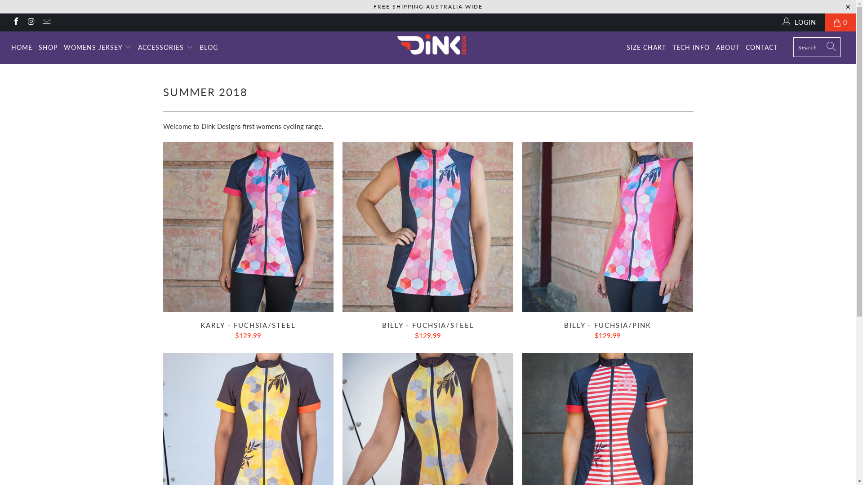  I want to click on 'ACCESSORIES', so click(138, 47).